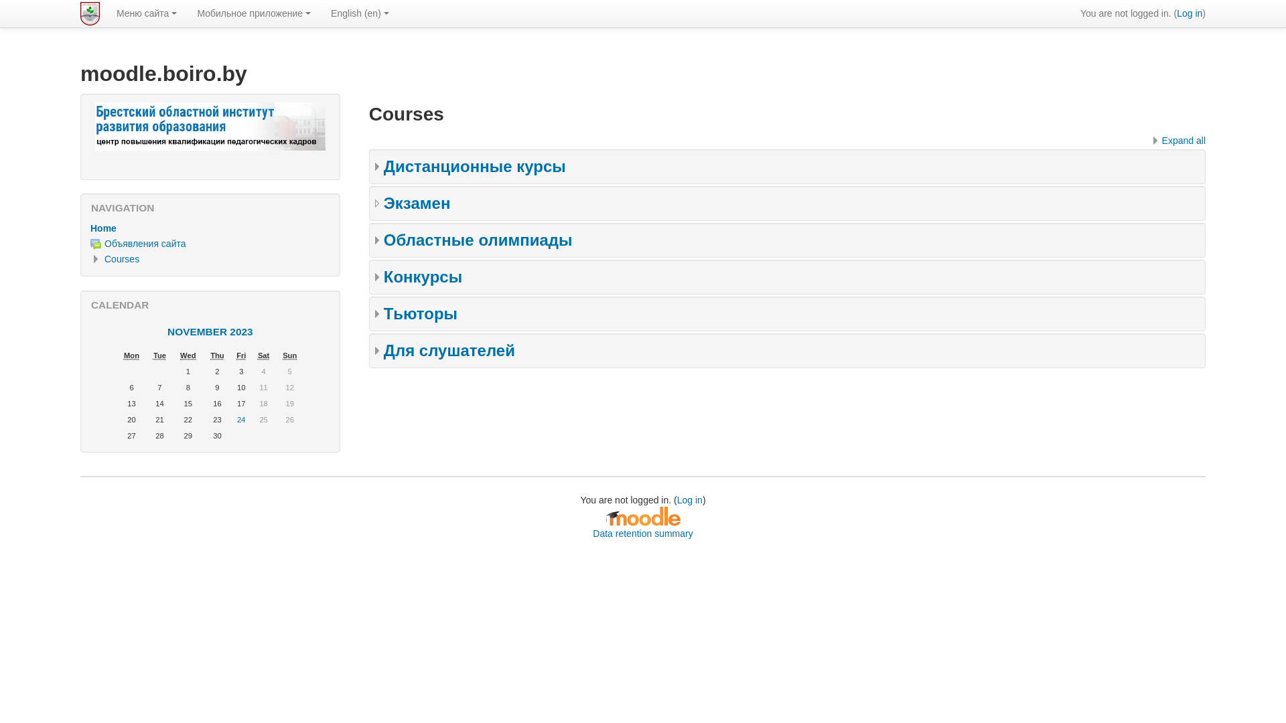 The width and height of the screenshot is (1286, 723). What do you see at coordinates (122, 258) in the screenshot?
I see `'Courses'` at bounding box center [122, 258].